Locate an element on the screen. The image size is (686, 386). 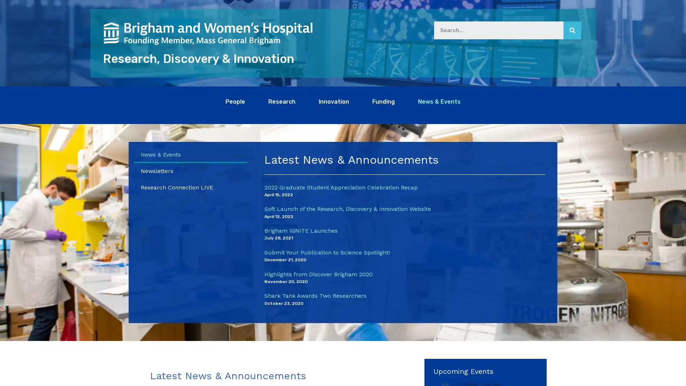
Search is located at coordinates (572, 30).